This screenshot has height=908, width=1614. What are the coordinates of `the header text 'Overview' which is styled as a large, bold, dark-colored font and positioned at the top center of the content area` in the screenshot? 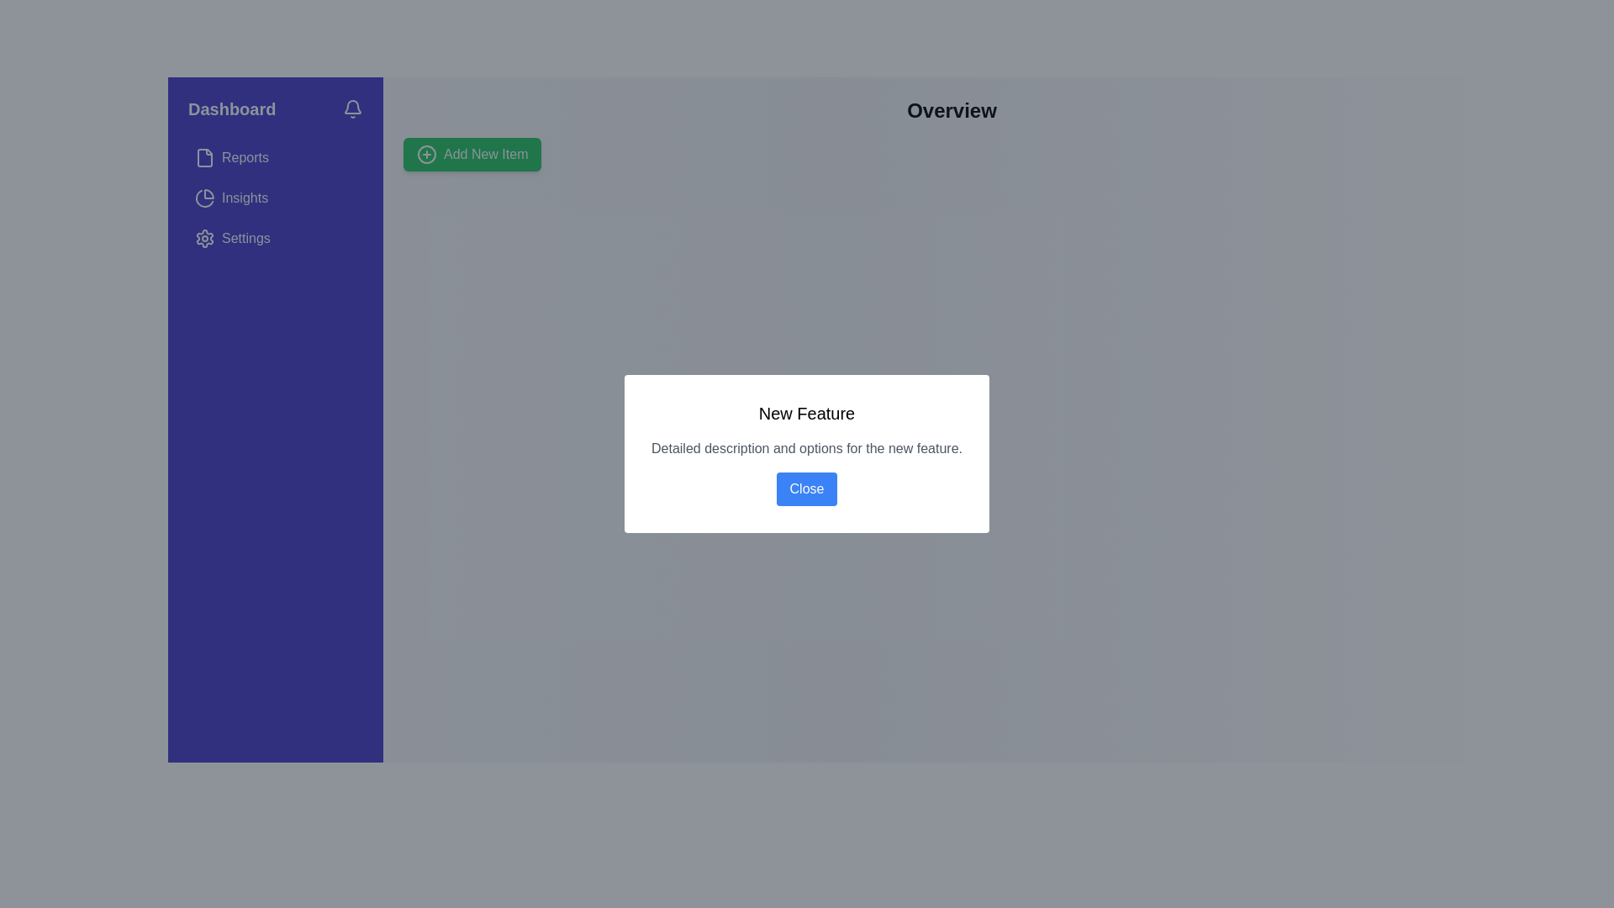 It's located at (952, 110).